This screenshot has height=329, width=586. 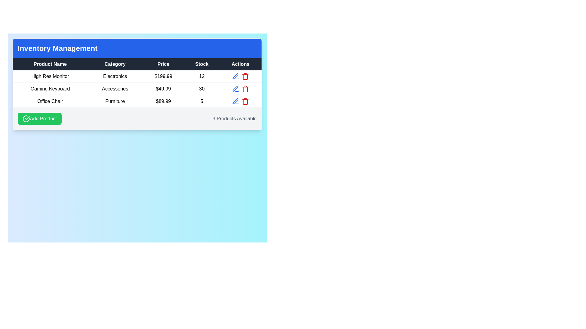 I want to click on the blue pen icon button located in the 'Actions' column of the second row of the table, which is visually distinct from the red trash bin icon, so click(x=235, y=76).